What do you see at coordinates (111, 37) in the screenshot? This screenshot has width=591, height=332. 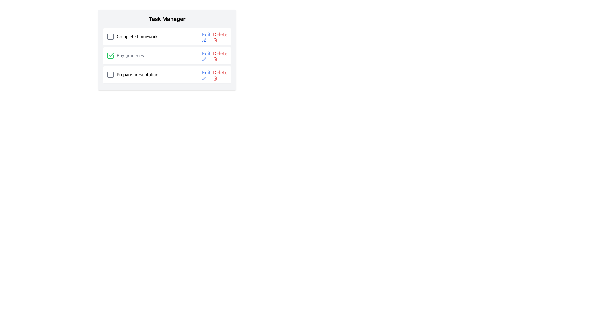 I see `the SVG icon with rounded corners, styled with a gray stroke` at bounding box center [111, 37].